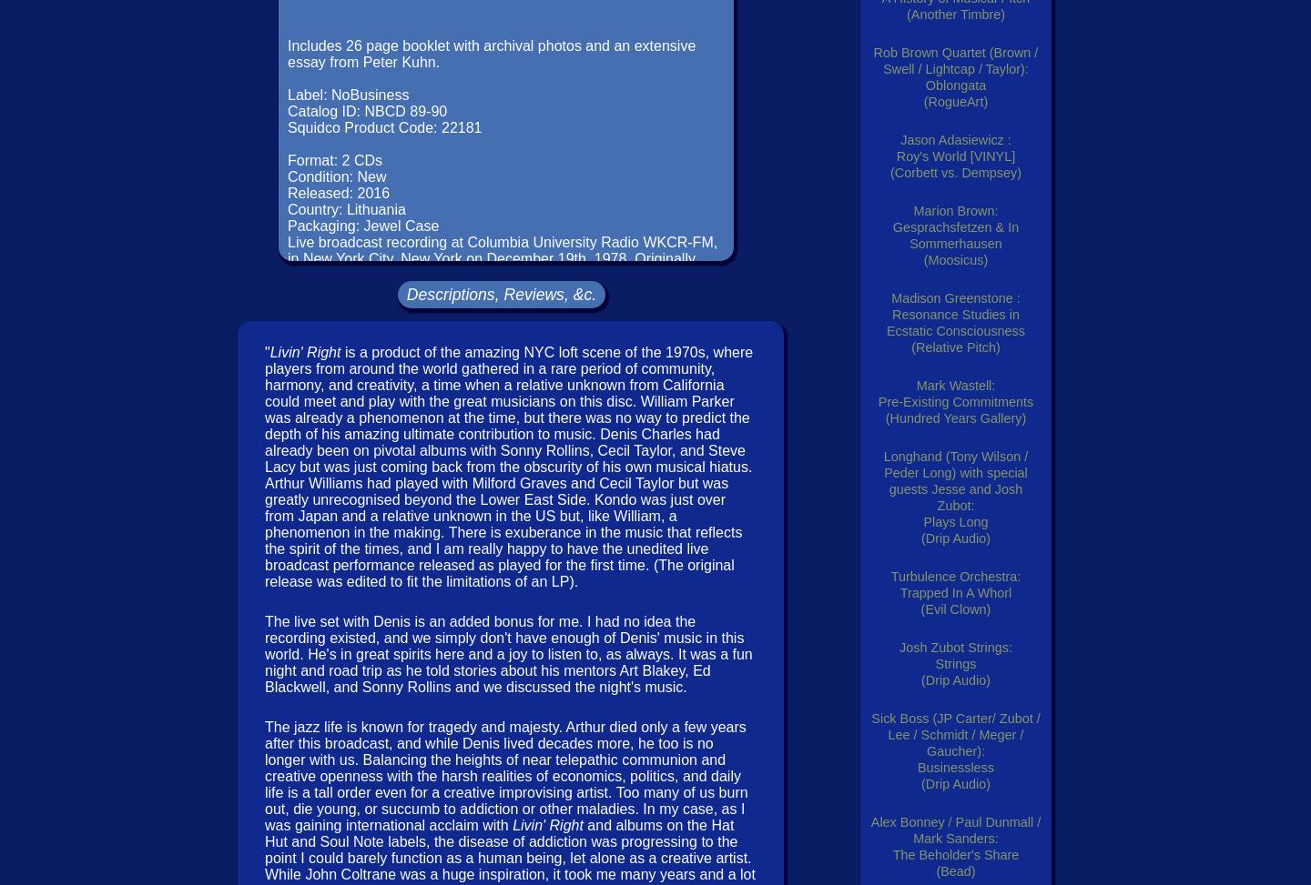  I want to click on 'Jason Adasiewicz :', so click(955, 140).